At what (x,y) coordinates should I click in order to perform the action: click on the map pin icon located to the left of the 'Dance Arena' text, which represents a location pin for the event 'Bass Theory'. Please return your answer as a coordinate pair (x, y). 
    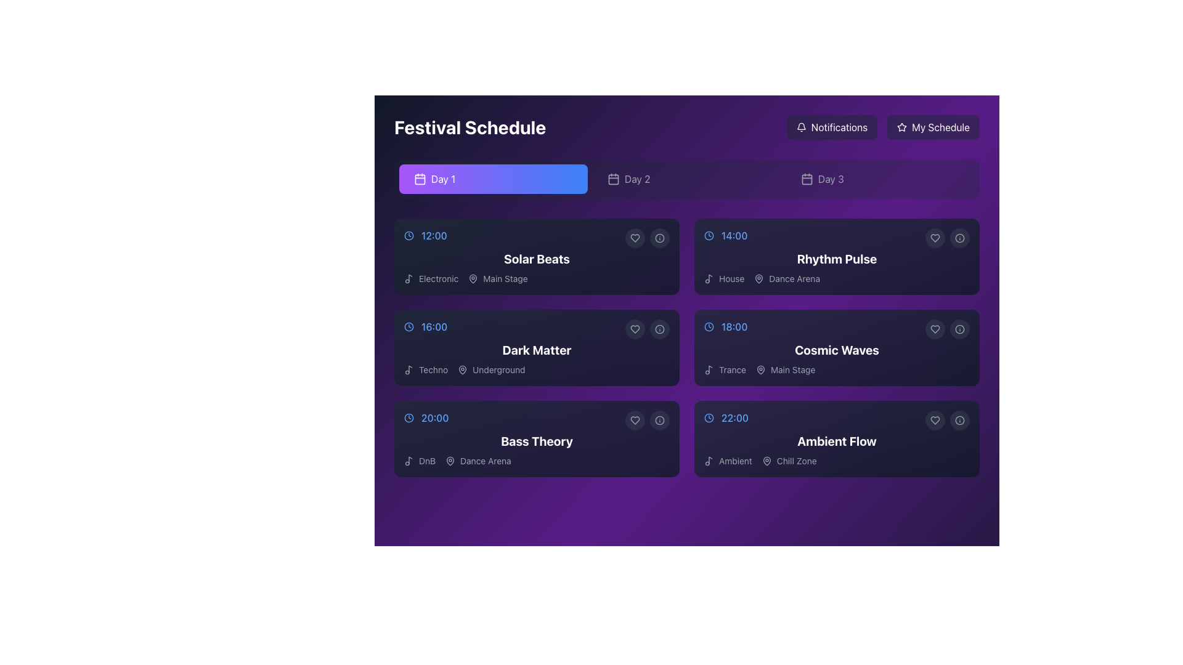
    Looking at the image, I should click on (450, 461).